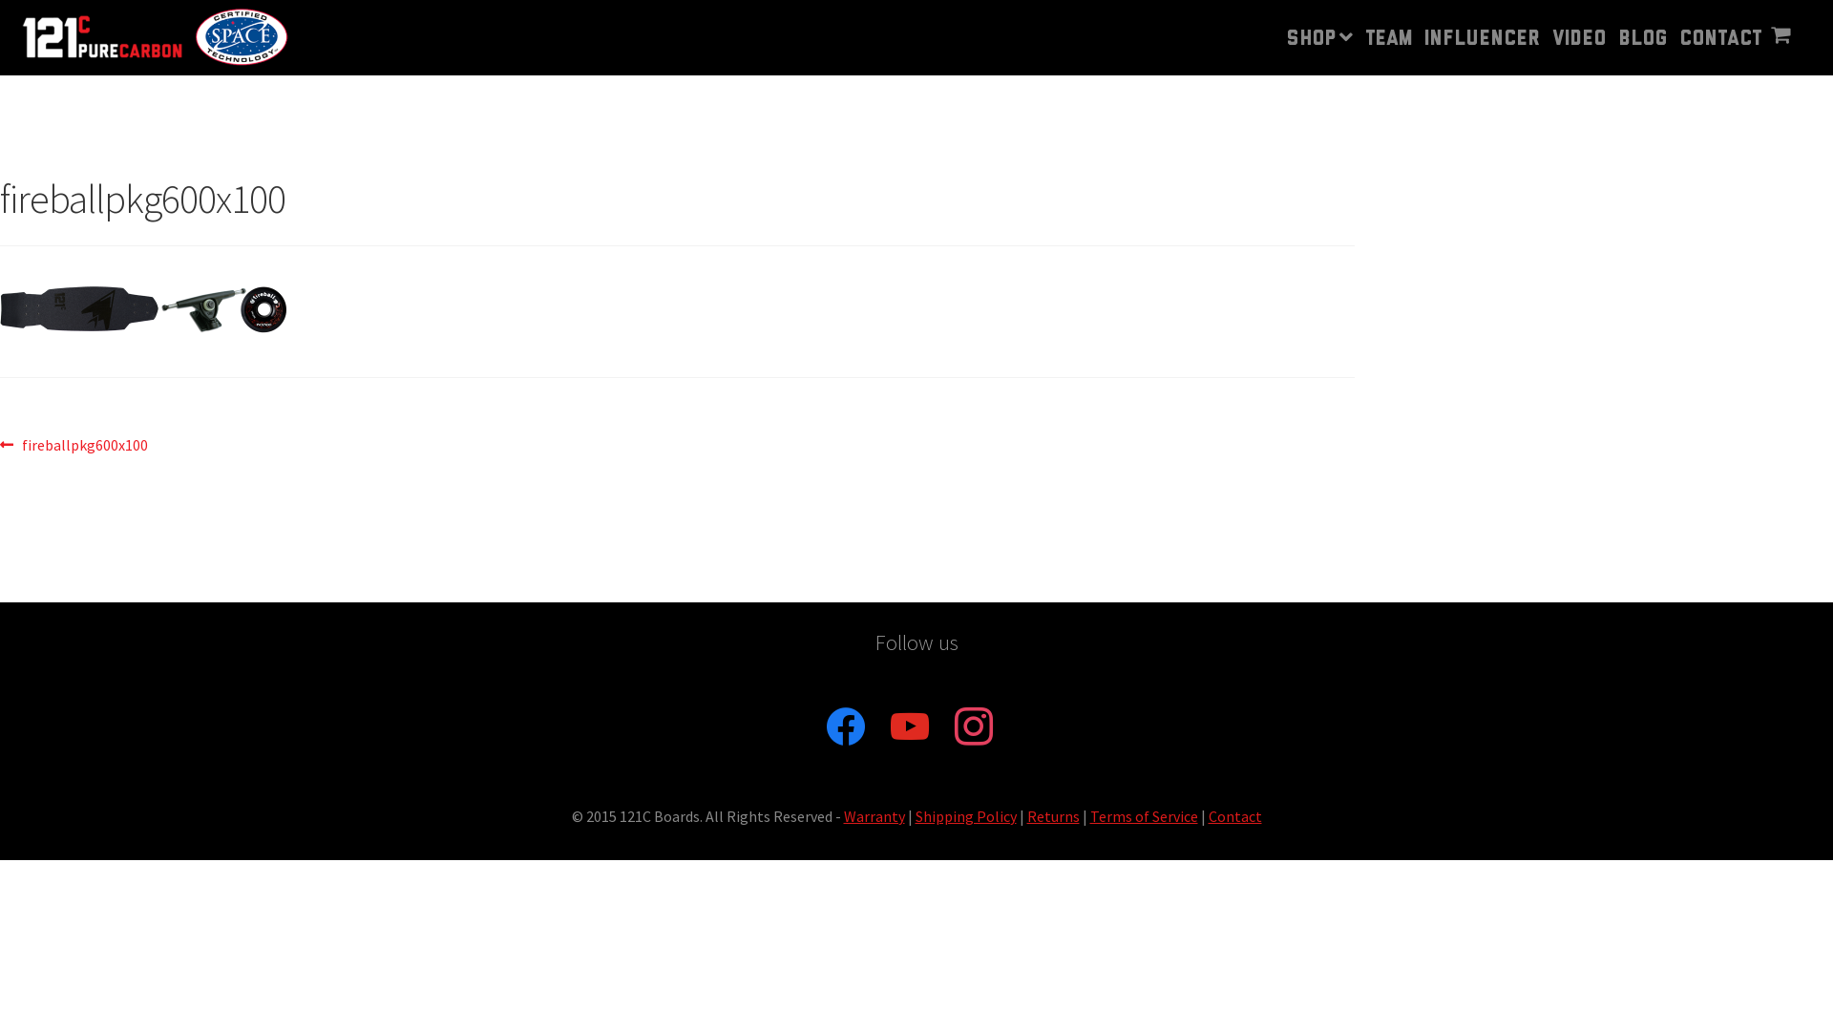  I want to click on 'facebook', so click(845, 725).